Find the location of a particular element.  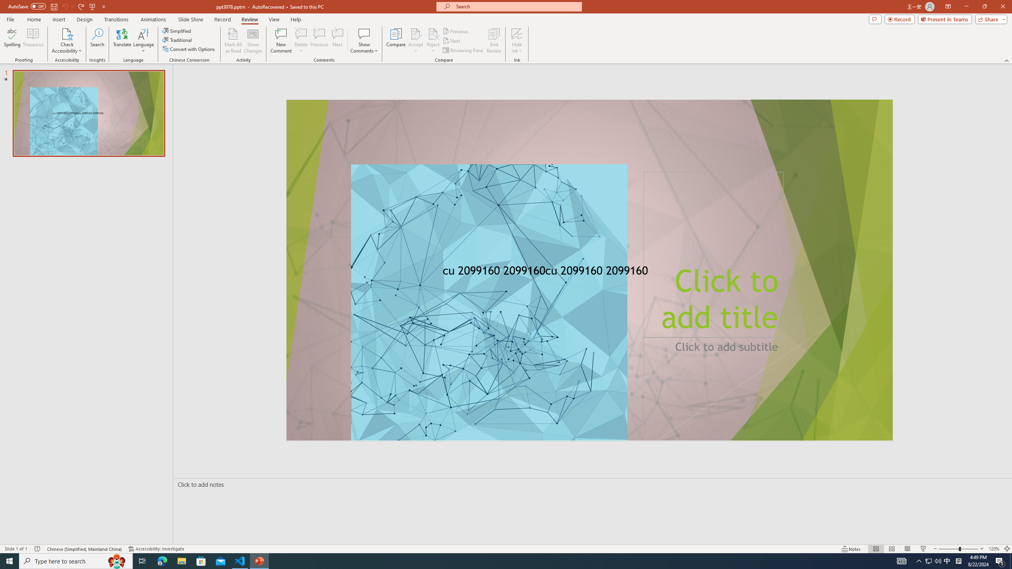

'End Review' is located at coordinates (493, 41).